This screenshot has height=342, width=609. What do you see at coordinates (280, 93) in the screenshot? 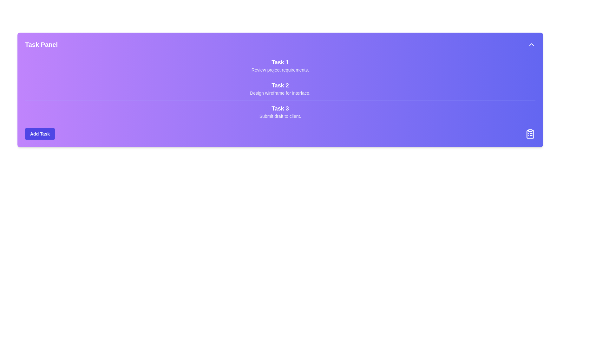
I see `the text label providing a description for 'Task 2', which is located below the 'Task 2' heading and above the next task entry` at bounding box center [280, 93].